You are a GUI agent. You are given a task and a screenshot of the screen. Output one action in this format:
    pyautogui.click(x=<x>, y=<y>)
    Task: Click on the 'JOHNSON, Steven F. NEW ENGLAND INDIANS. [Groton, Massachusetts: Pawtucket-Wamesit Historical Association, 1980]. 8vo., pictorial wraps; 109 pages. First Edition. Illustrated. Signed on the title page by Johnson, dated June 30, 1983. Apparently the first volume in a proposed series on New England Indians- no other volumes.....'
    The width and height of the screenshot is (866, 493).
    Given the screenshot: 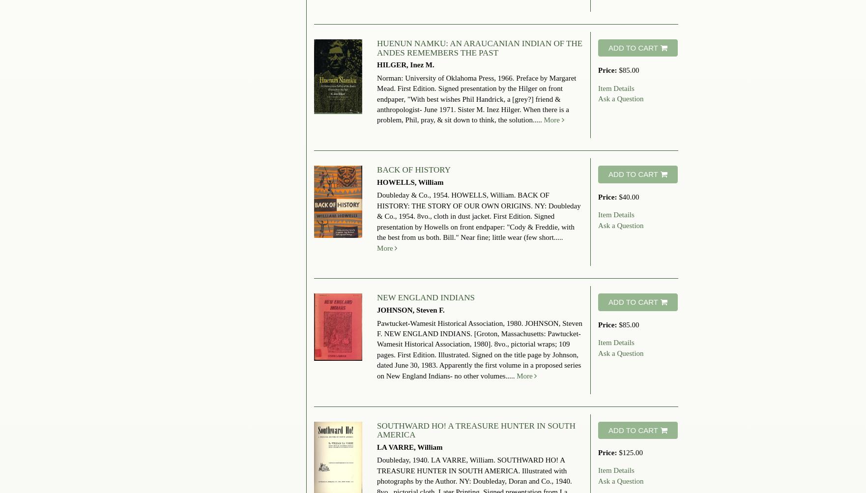 What is the action you would take?
    pyautogui.click(x=479, y=348)
    